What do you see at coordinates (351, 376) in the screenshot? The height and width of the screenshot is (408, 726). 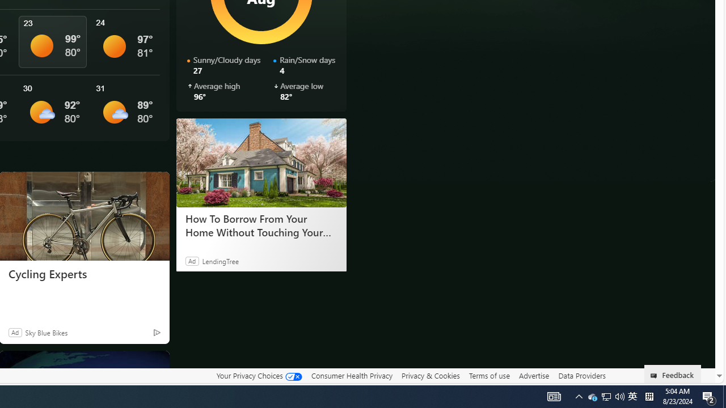 I see `'Consumer Health Privacy'` at bounding box center [351, 376].